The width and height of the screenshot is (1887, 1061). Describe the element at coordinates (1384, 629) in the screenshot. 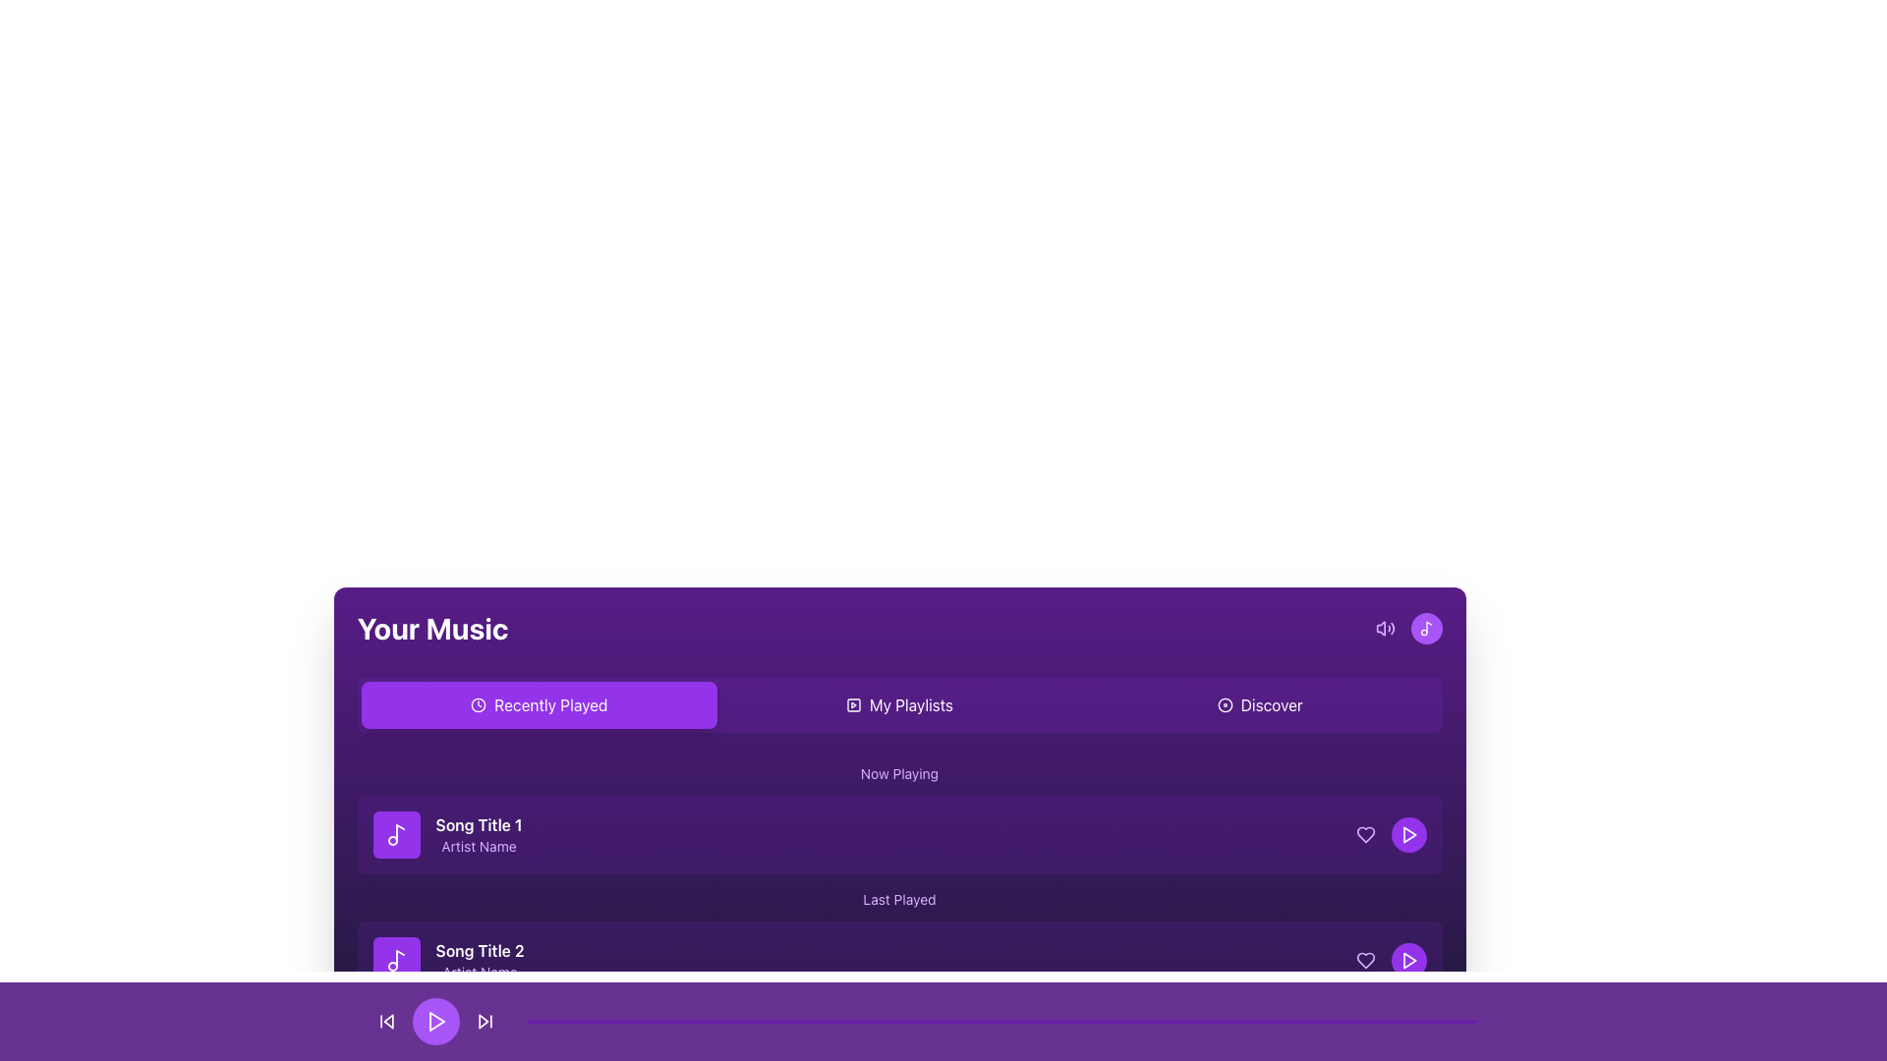

I see `the purple speaker icon with sound waves in the top right corner of the music interface header` at that location.